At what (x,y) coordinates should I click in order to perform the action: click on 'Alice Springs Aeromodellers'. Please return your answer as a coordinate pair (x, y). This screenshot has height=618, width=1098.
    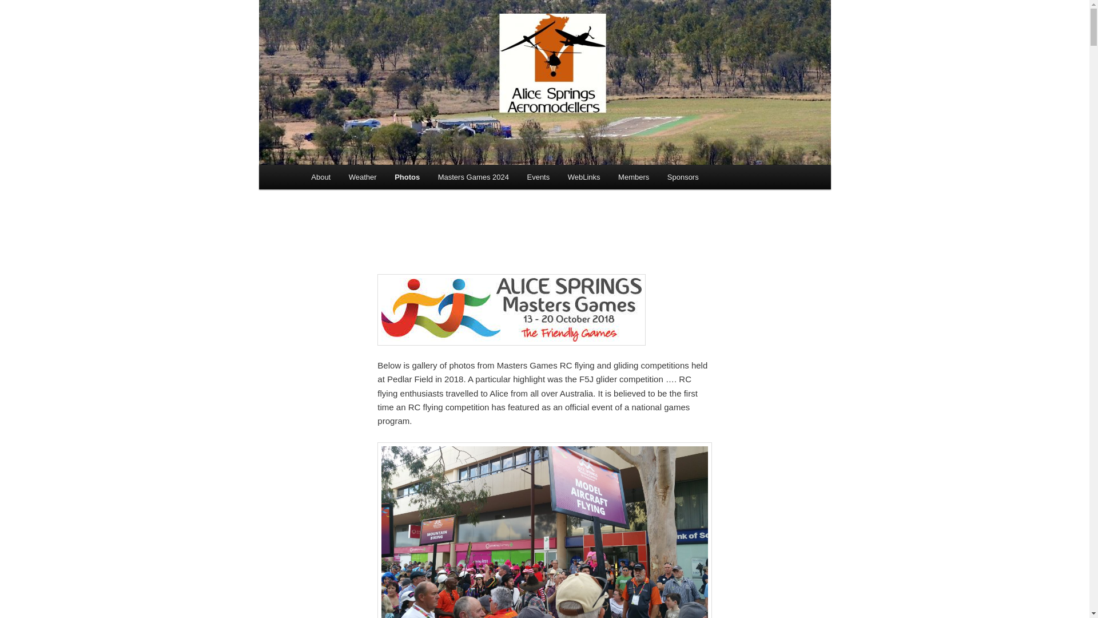
    Looking at the image, I should click on (302, 41).